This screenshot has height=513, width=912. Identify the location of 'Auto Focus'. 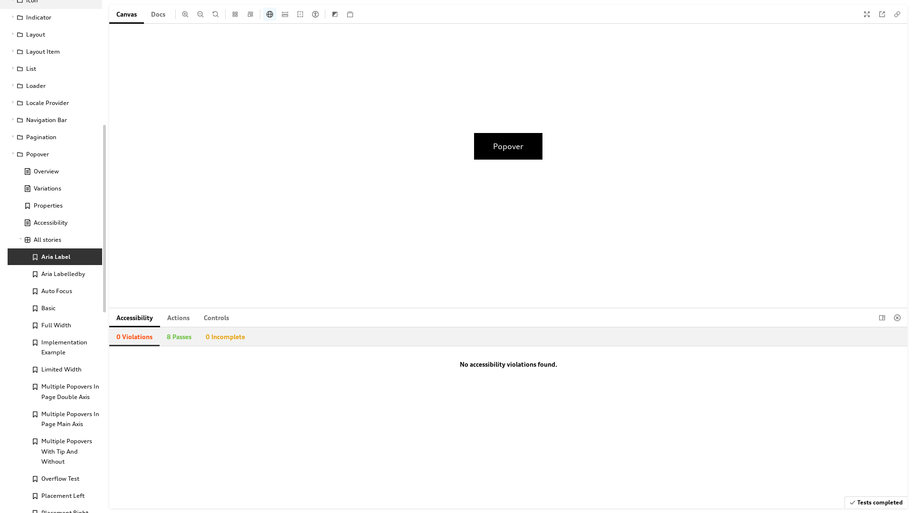
(54, 290).